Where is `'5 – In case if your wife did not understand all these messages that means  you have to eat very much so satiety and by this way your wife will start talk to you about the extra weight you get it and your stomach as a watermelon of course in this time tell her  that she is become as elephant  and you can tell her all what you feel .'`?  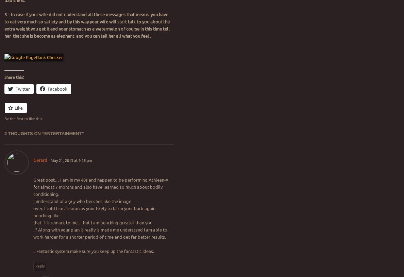 '5 – In case if your wife did not understand all these messages that means  you have to eat very much so satiety and by this way your wife will start talk to you about the extra weight you get it and your stomach as a watermelon of course in this time tell her  that she is become as elephant  and you can tell her all what you feel .' is located at coordinates (87, 25).